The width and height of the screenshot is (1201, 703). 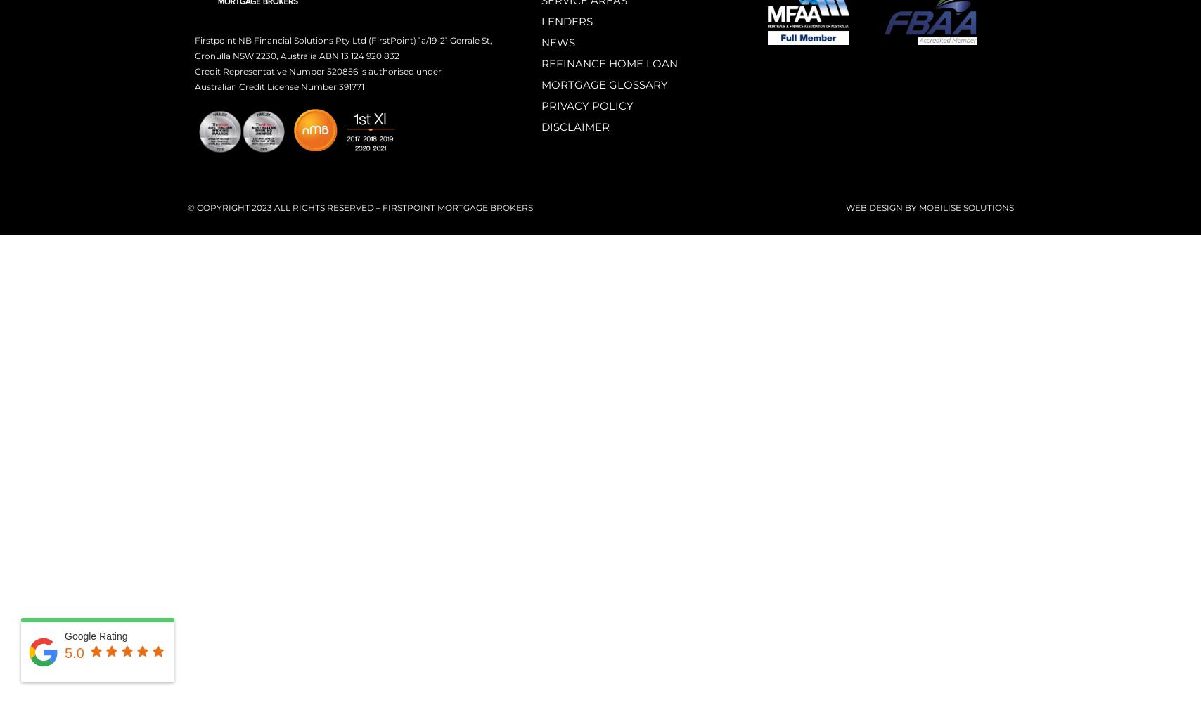 I want to click on 'DISCLAIMER', so click(x=575, y=127).